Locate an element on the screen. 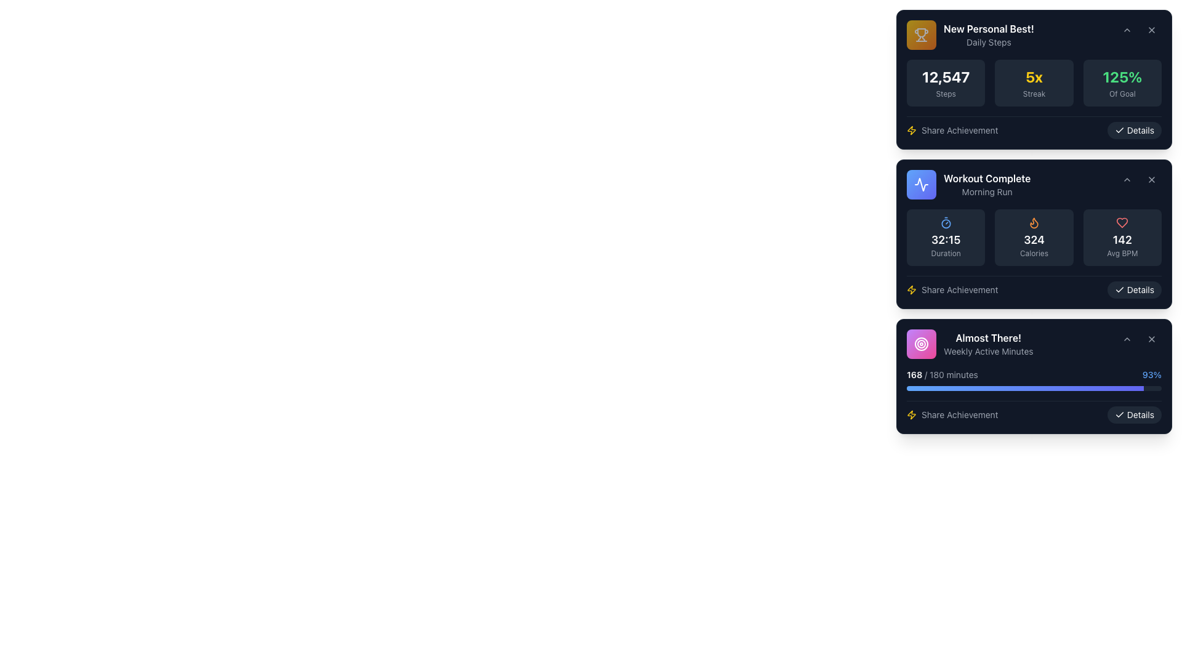  the calorie burned icon located in the center of the 'Workout Complete' box, which is positioned directly above the text '324 Calories' is located at coordinates (1034, 223).